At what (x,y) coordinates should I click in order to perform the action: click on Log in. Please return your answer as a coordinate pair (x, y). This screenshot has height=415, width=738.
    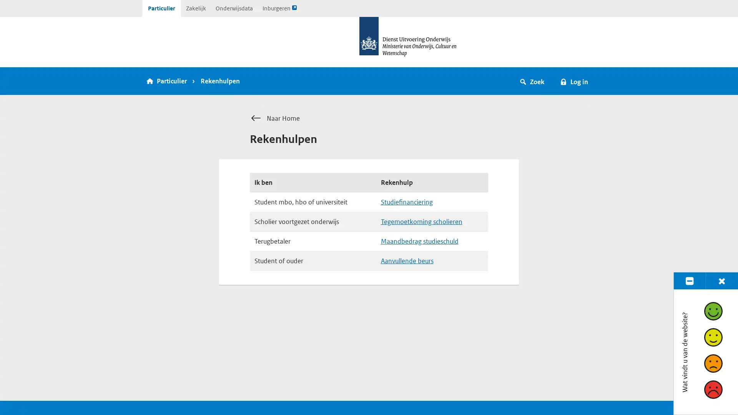
    Looking at the image, I should click on (573, 81).